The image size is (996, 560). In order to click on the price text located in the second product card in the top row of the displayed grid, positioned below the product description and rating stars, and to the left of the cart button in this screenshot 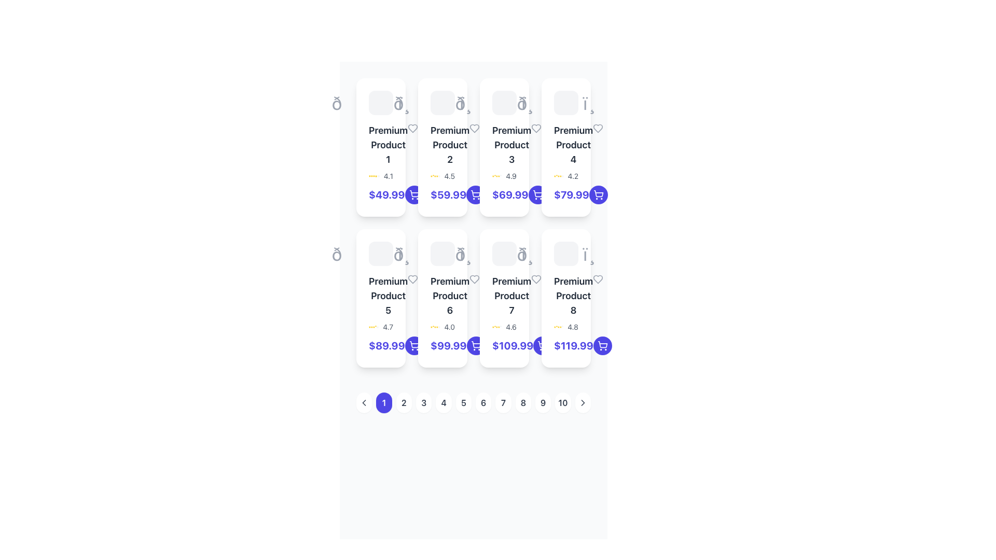, I will do `click(448, 194)`.